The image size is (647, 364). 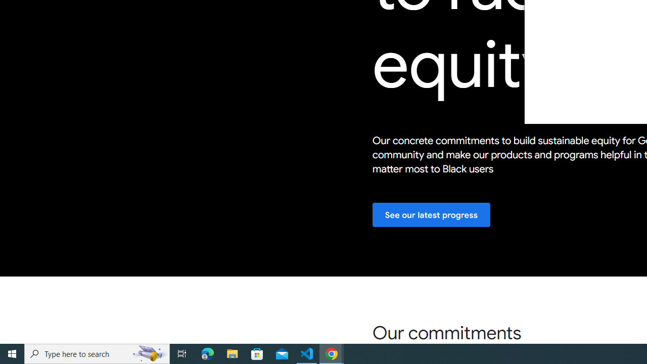 I want to click on 'Type here to search', so click(x=97, y=353).